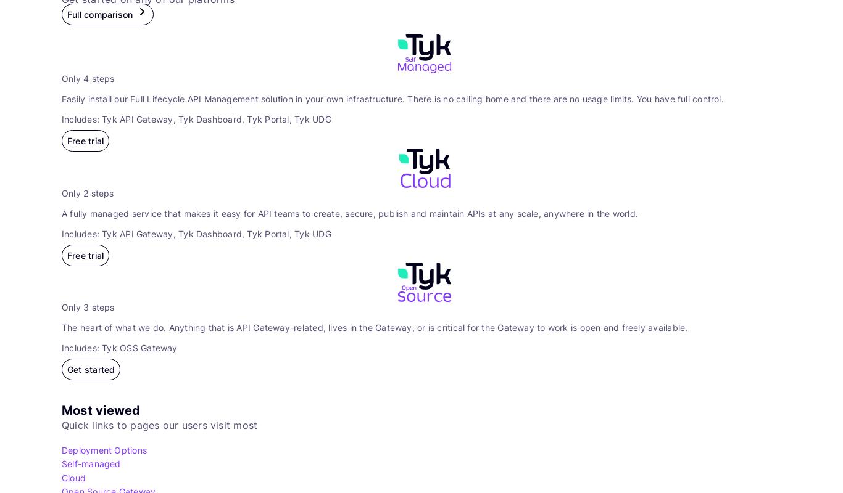 The width and height of the screenshot is (843, 493). I want to click on 'Most viewed', so click(61, 409).